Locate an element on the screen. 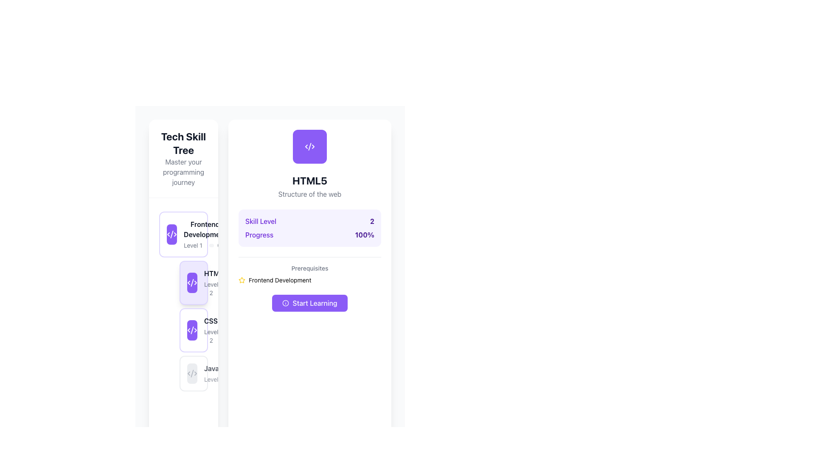  the thin, diagonal line icon, which is the central component of a triplet within a vertical list of icons representing different development levels is located at coordinates (191, 330).